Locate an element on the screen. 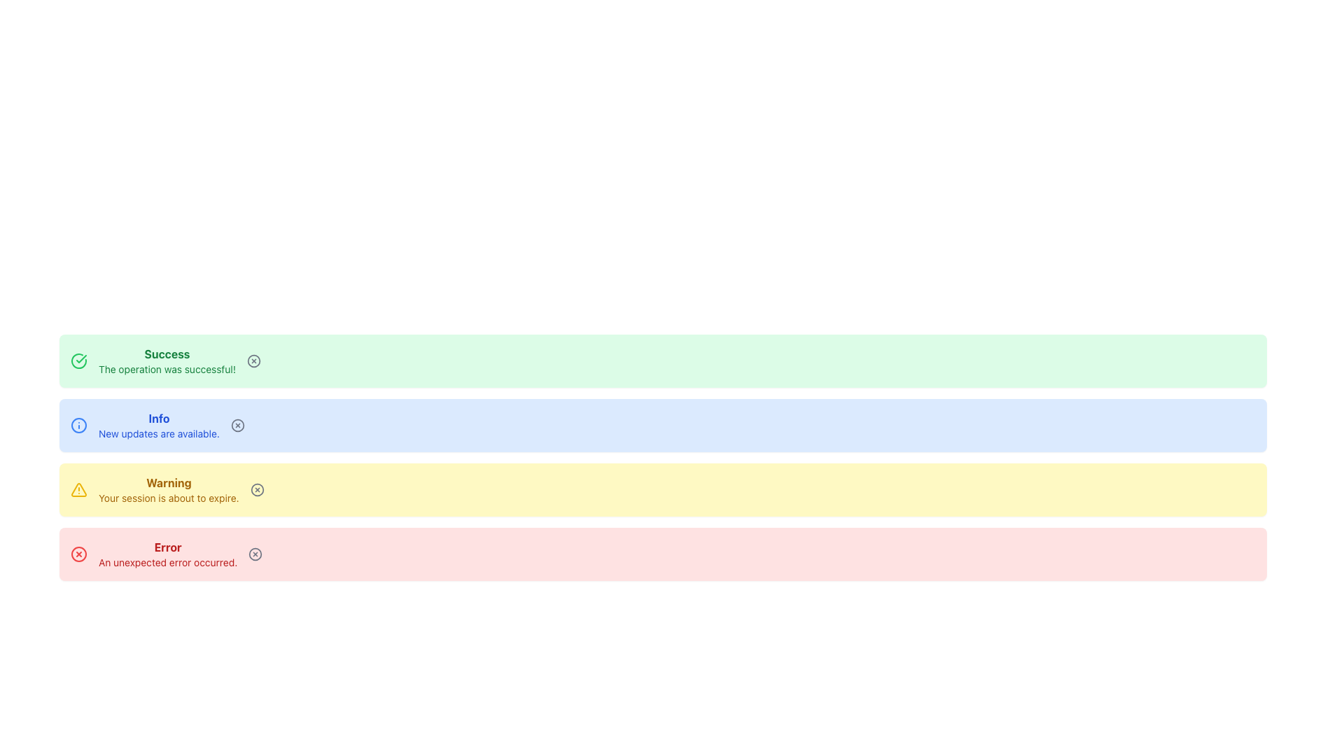 The width and height of the screenshot is (1344, 756). the circle element in the SVG graphic, which is centrally located within the bottom-most rectangle of the error message bar, styled in a minimalistic way is located at coordinates (255, 553).